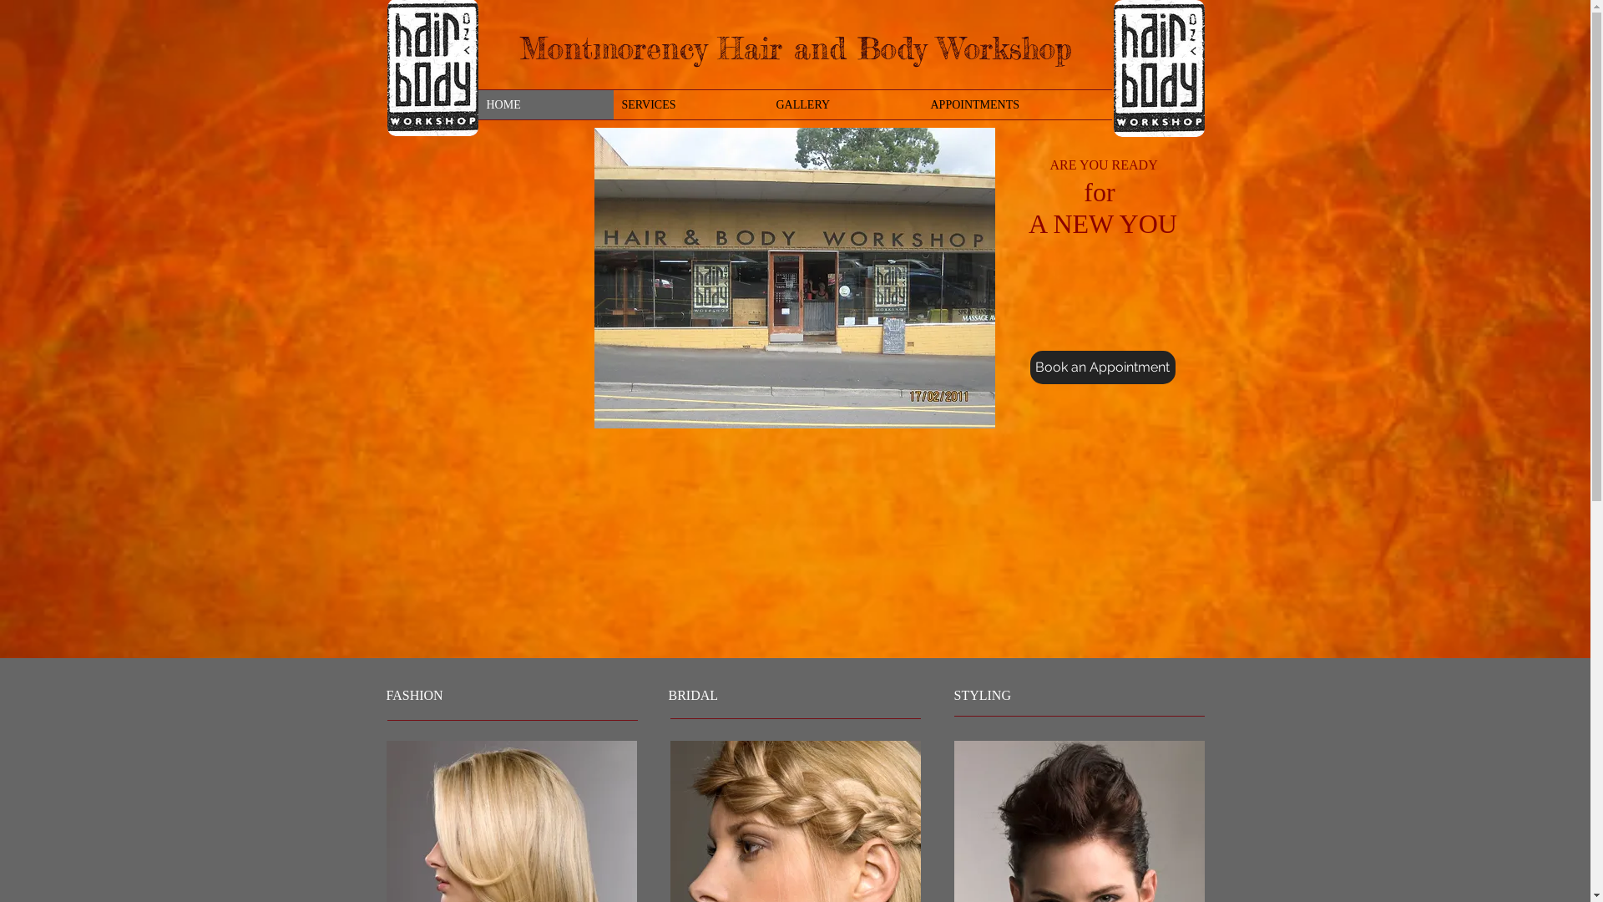 This screenshot has width=1603, height=902. I want to click on 'HOME', so click(476, 104).